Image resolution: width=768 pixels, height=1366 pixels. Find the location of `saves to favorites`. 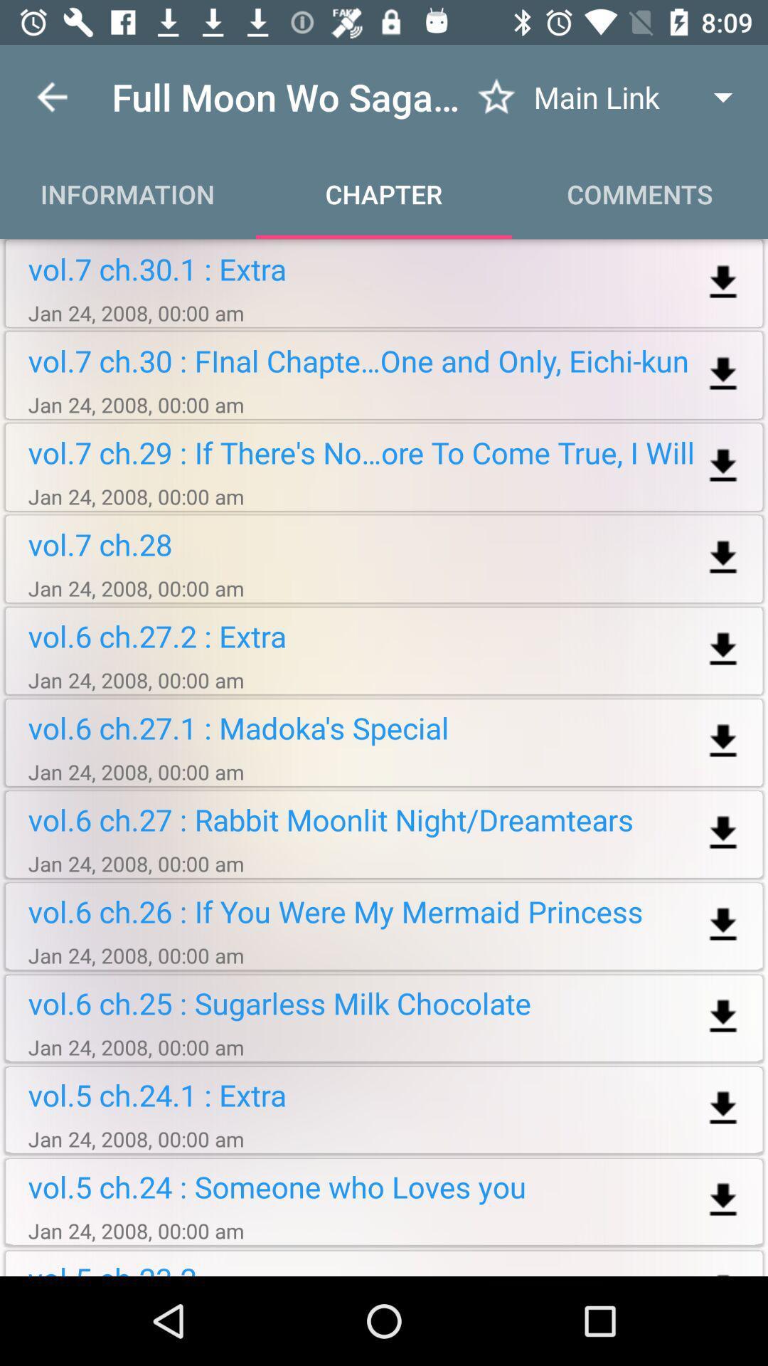

saves to favorites is located at coordinates (496, 96).